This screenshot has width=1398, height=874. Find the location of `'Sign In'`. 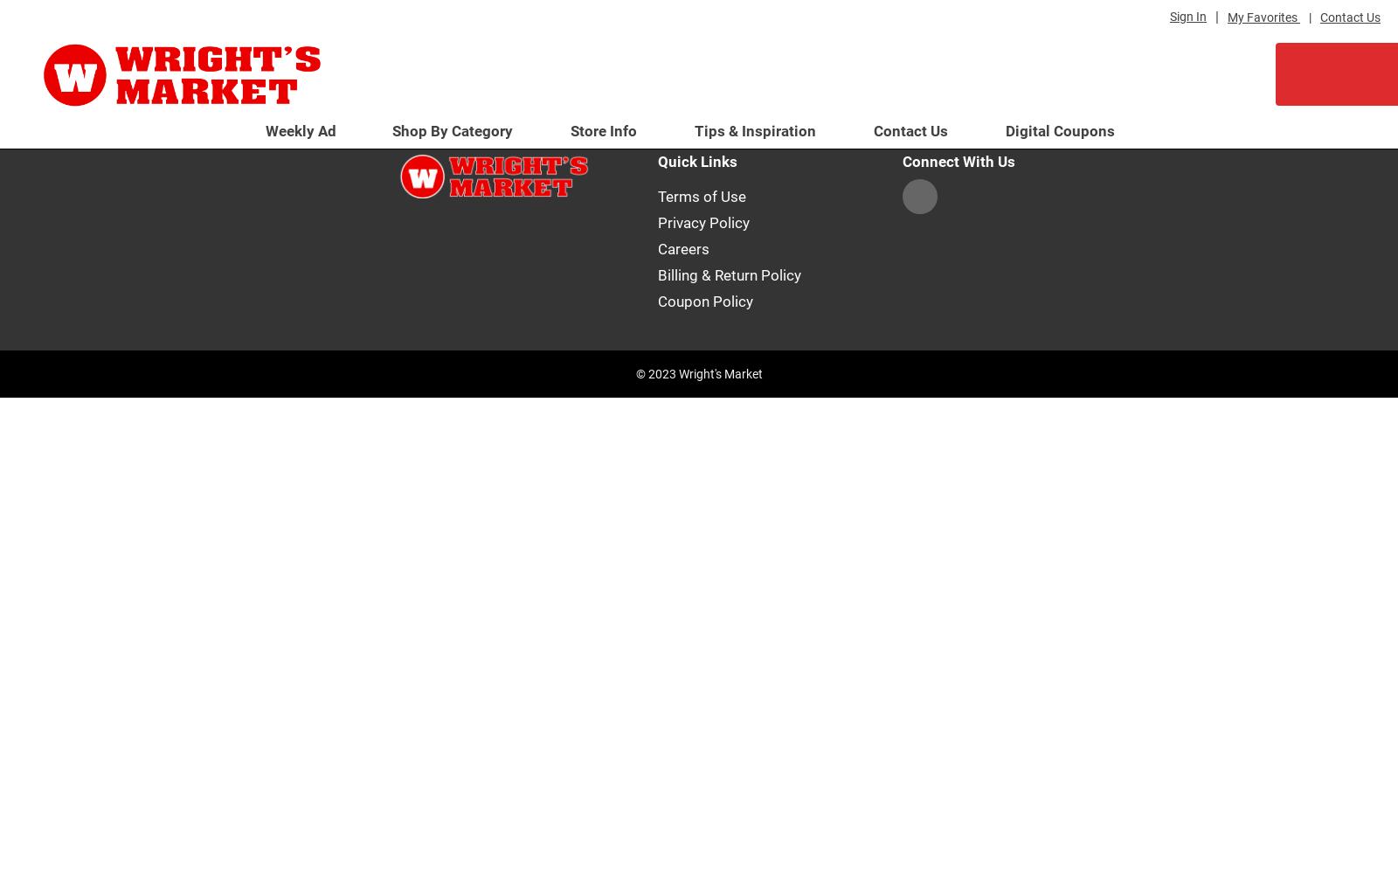

'Sign In' is located at coordinates (1187, 17).